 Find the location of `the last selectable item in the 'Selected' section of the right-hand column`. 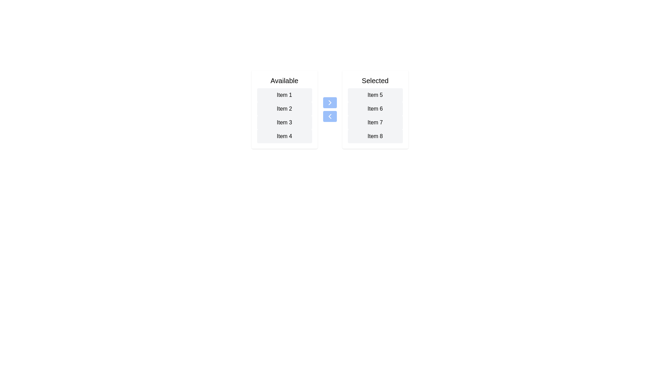

the last selectable item in the 'Selected' section of the right-hand column is located at coordinates (375, 136).